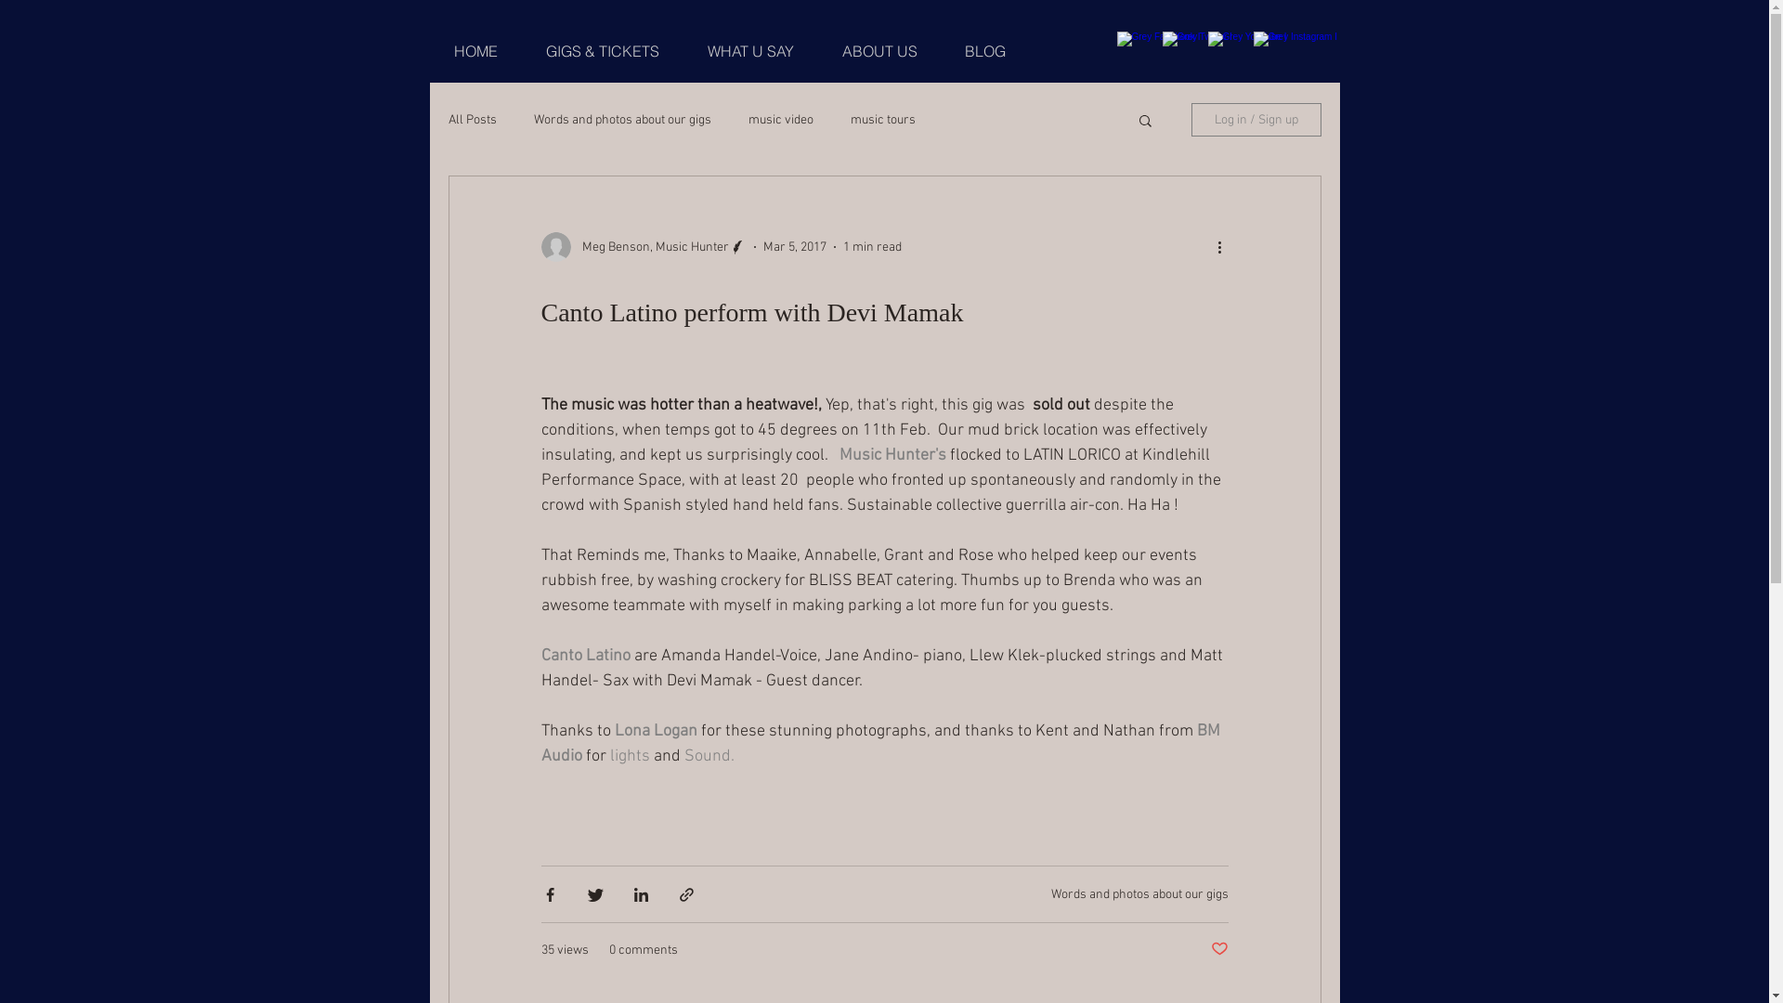 This screenshot has height=1003, width=1783. What do you see at coordinates (780, 119) in the screenshot?
I see `'music video'` at bounding box center [780, 119].